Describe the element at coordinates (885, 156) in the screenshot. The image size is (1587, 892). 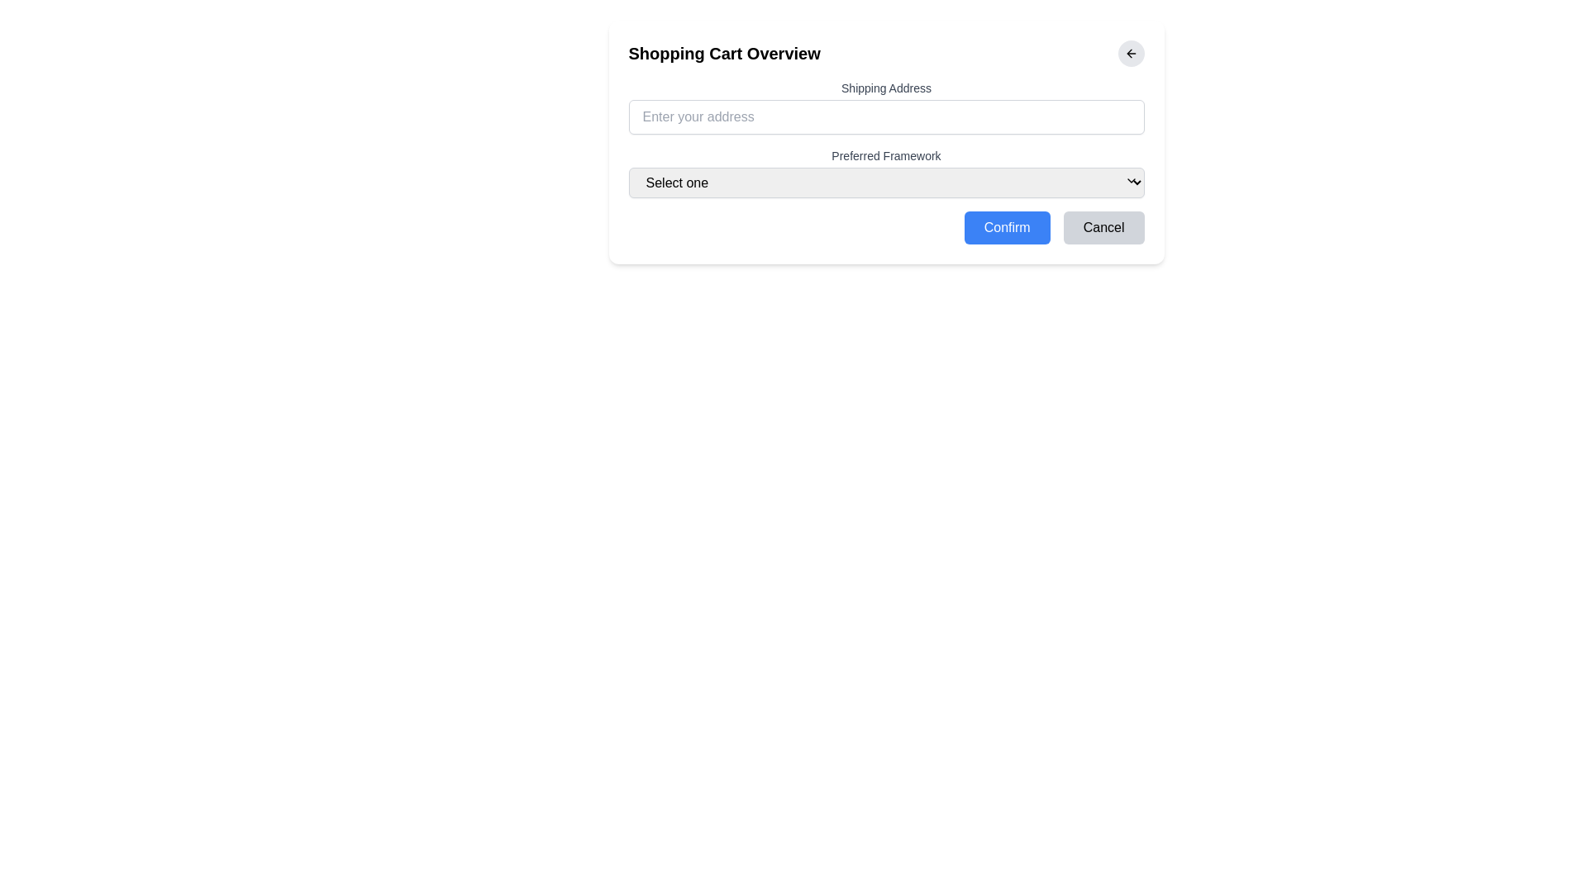
I see `the text label that reads 'Preferred Framework', which is styled in a small gray font and positioned above the dropdown menu labeled 'Select one'` at that location.